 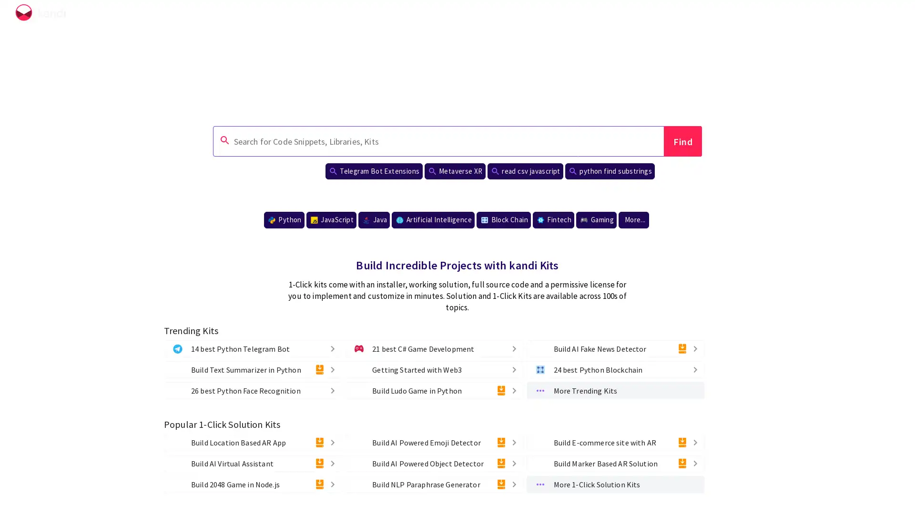 I want to click on python-face-recognition 26 best Python Face Recognition, so click(x=253, y=390).